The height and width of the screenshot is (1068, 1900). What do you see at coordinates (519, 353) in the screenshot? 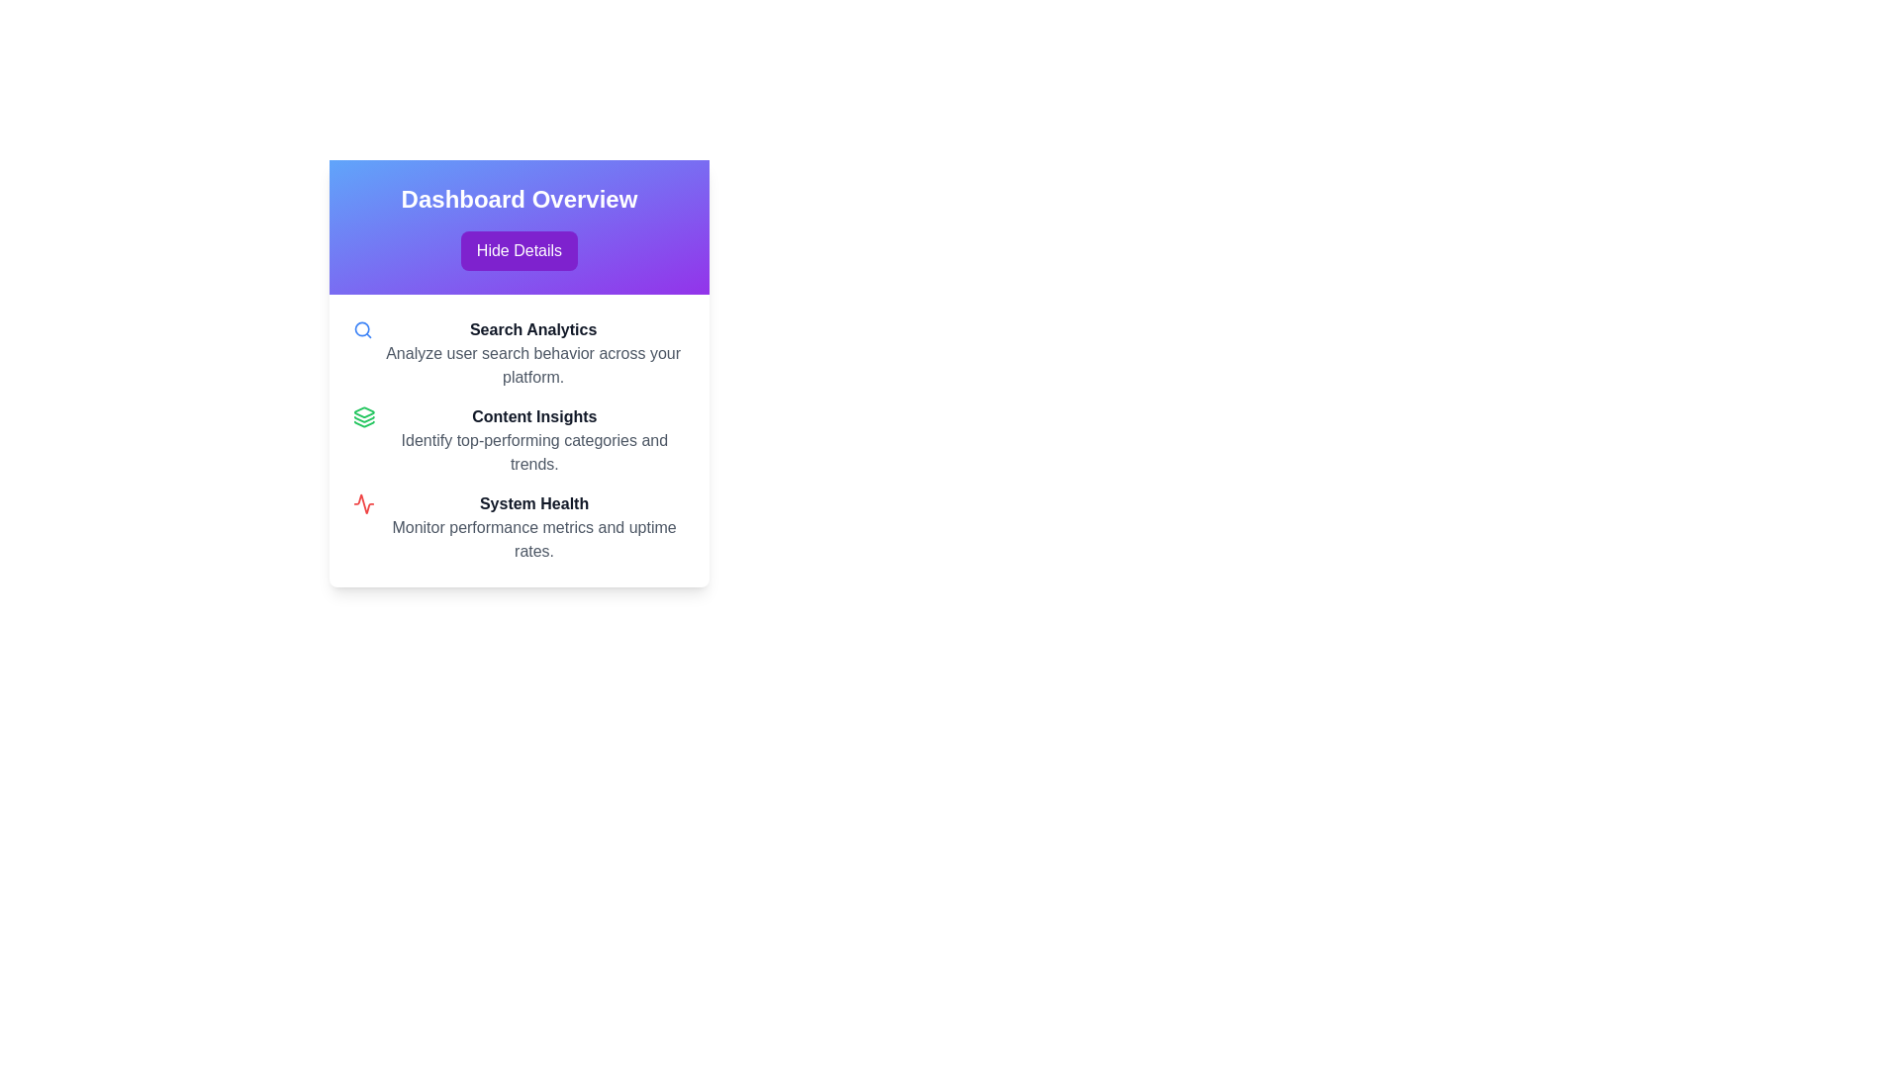
I see `the informational block containing a blue search icon and the text 'Search Analytics' followed by 'Analyze user search behavior across your platform.'` at bounding box center [519, 353].